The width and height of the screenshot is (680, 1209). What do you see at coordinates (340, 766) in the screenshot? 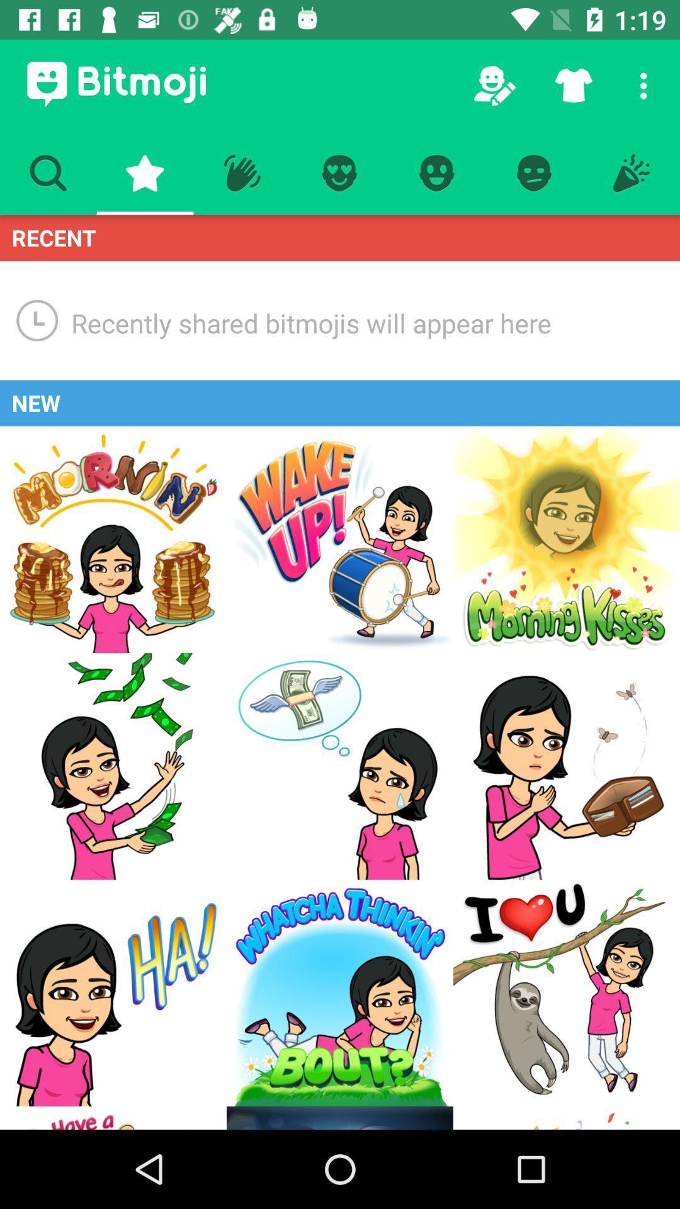
I see `emoji click option` at bounding box center [340, 766].